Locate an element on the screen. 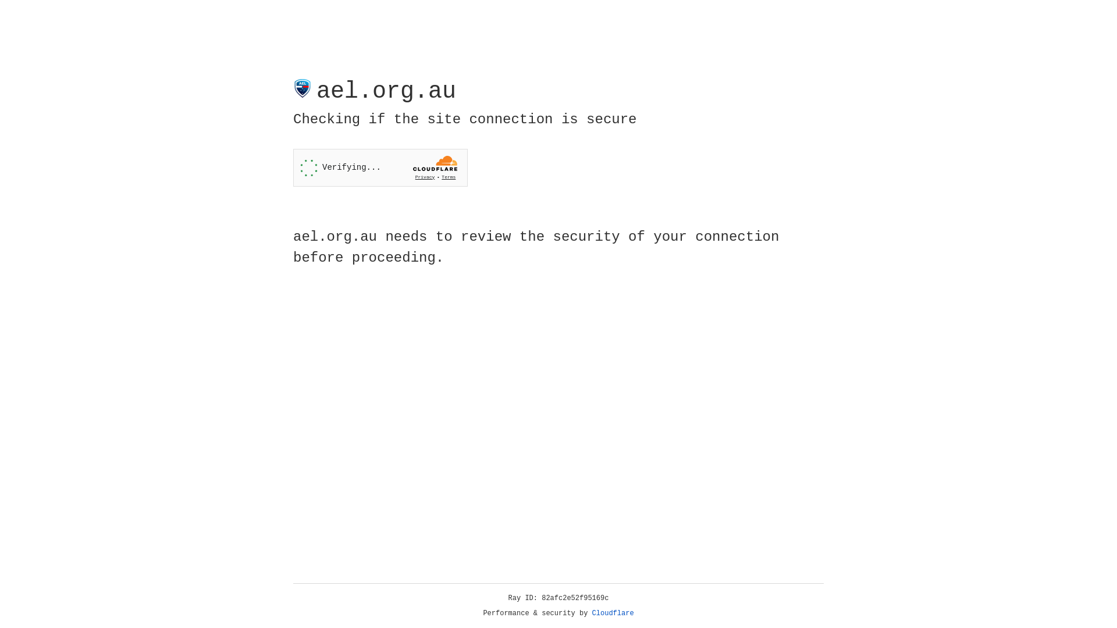 This screenshot has width=1117, height=628. 'Widget containing a Cloudflare security challenge' is located at coordinates (380, 167).